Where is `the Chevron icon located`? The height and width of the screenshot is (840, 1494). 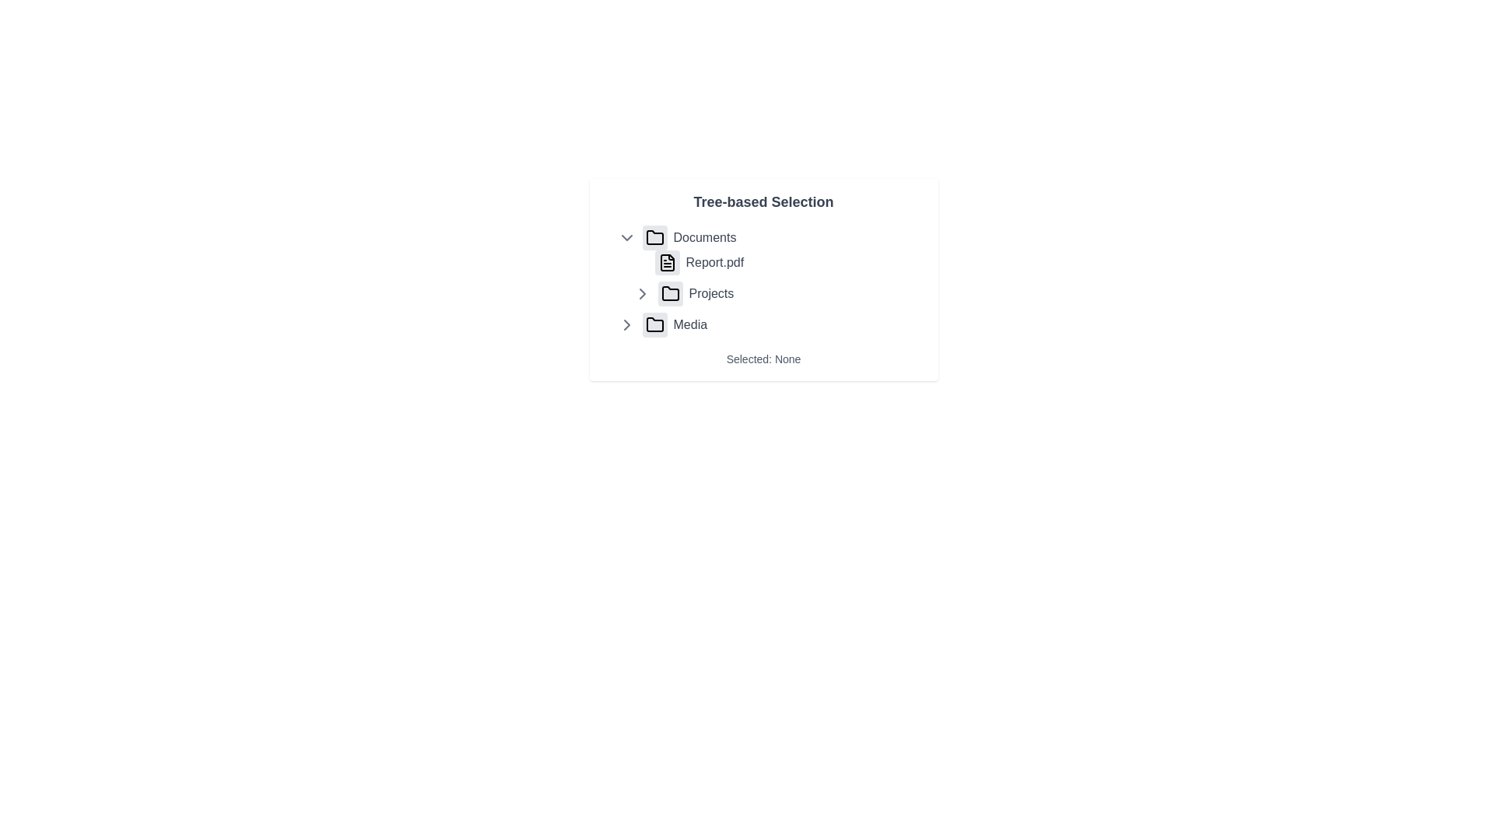
the Chevron icon located is located at coordinates (626, 324).